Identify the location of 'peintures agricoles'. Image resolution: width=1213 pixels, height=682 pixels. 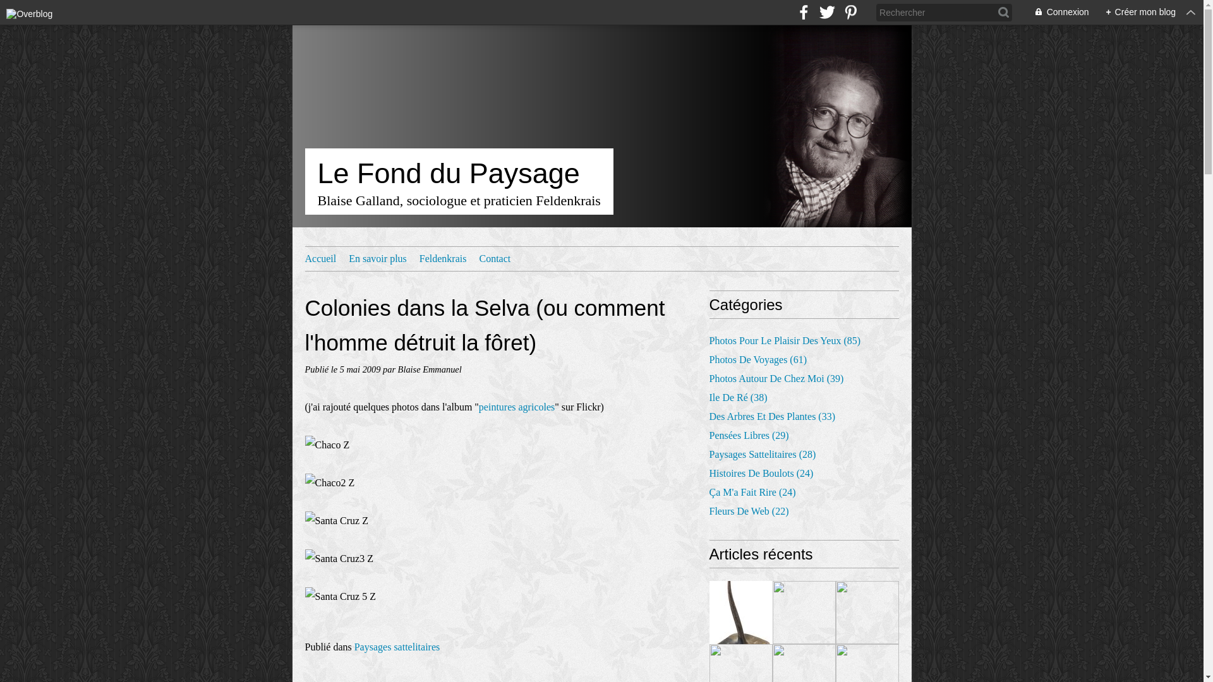
(516, 407).